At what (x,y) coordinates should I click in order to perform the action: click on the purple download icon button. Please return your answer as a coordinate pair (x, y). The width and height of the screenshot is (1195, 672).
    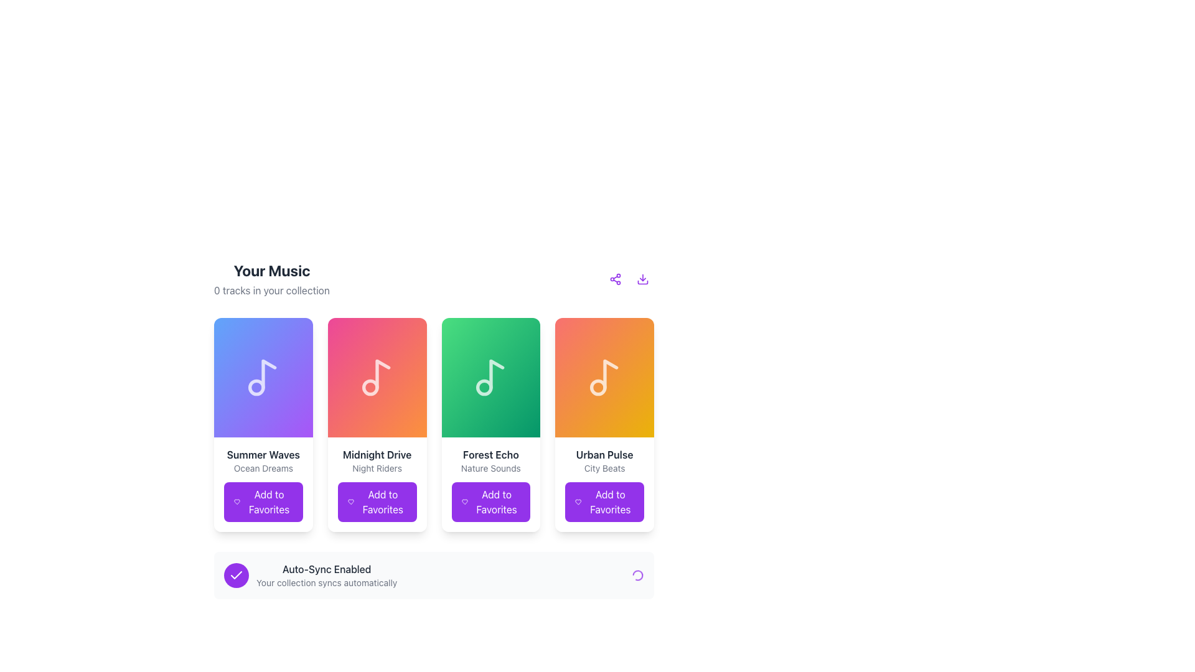
    Looking at the image, I should click on (642, 278).